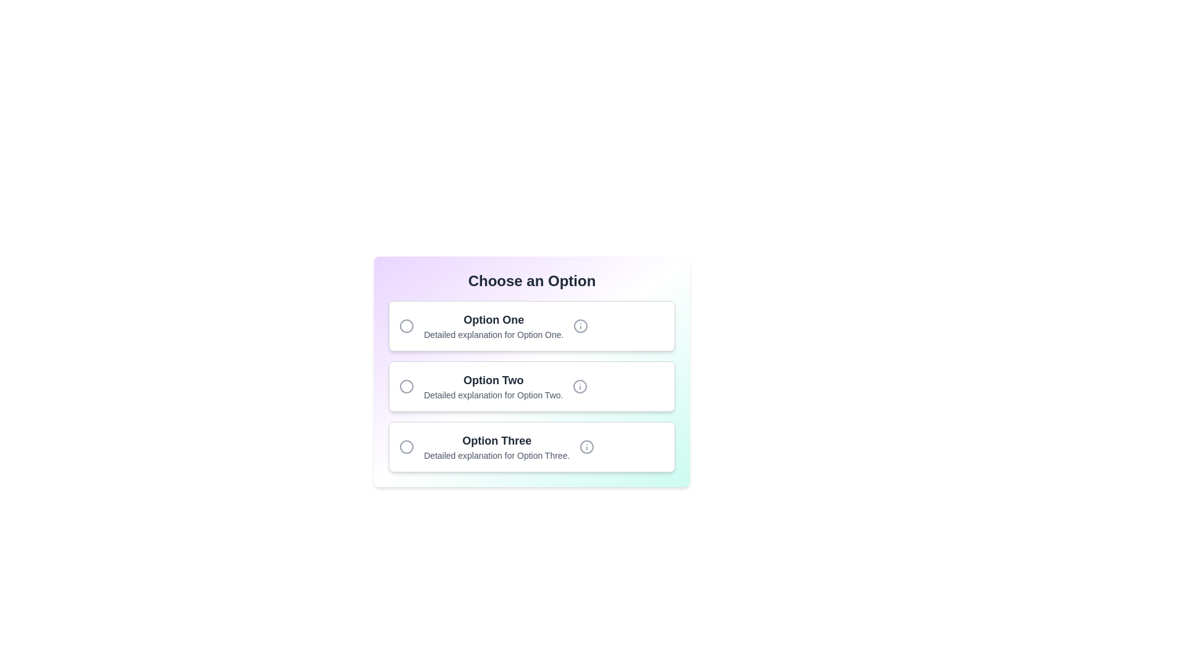 The width and height of the screenshot is (1185, 666). What do you see at coordinates (532, 325) in the screenshot?
I see `the first Option card in the vertical list by` at bounding box center [532, 325].